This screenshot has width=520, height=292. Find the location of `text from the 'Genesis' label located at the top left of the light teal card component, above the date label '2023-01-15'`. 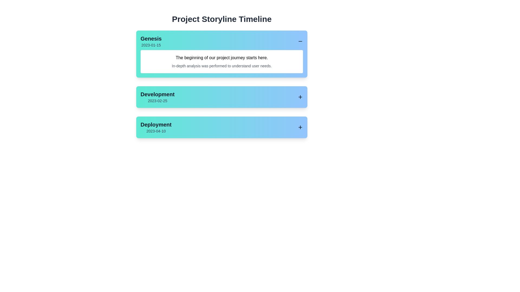

text from the 'Genesis' label located at the top left of the light teal card component, above the date label '2023-01-15' is located at coordinates (151, 38).